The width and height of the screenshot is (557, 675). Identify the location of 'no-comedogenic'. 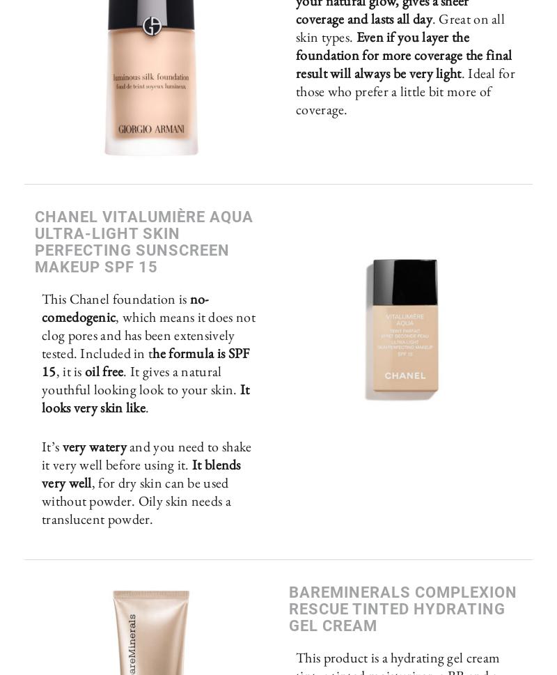
(41, 307).